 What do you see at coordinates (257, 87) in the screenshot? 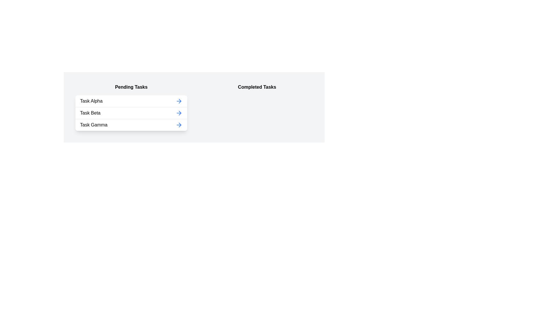
I see `the title of the 'Completed Tasks' section, located at the center of the 'Completed Tasks' panel` at bounding box center [257, 87].